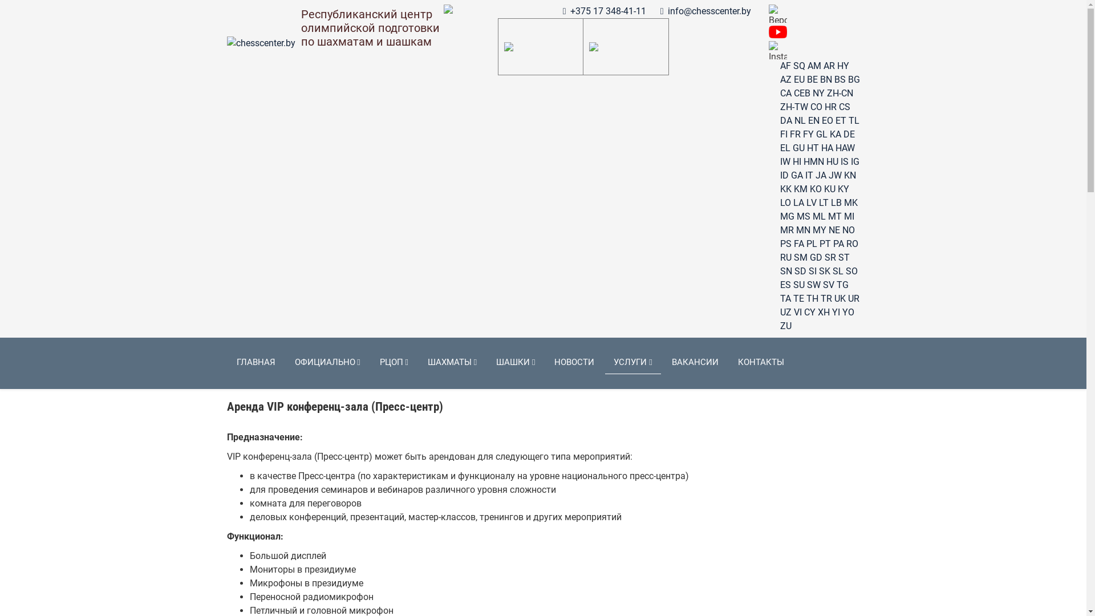  Describe the element at coordinates (785, 284) in the screenshot. I see `'ES'` at that location.